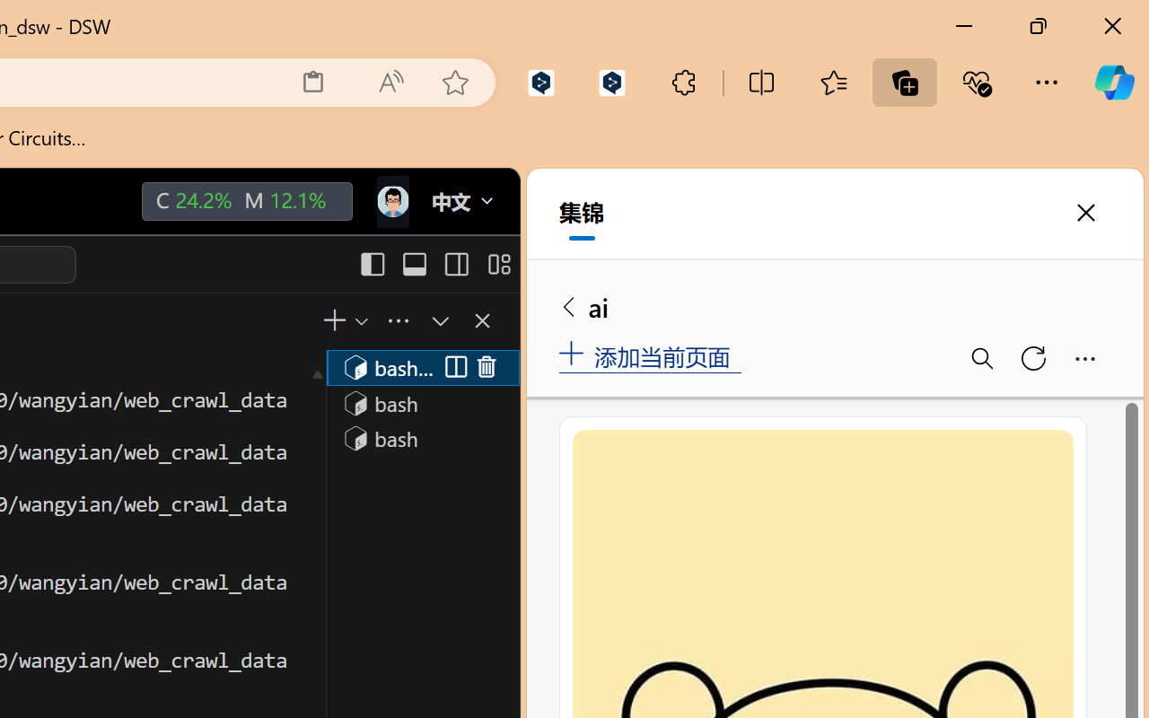 Image resolution: width=1149 pixels, height=718 pixels. What do you see at coordinates (421, 438) in the screenshot?
I see `'Terminal 3 bash'` at bounding box center [421, 438].